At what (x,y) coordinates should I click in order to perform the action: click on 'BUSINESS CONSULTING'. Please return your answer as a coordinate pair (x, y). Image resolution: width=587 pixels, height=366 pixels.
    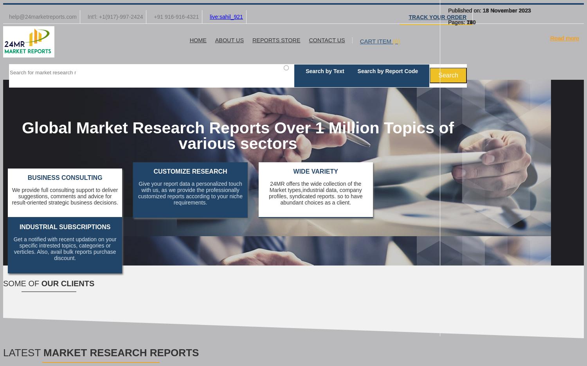
    Looking at the image, I should click on (27, 178).